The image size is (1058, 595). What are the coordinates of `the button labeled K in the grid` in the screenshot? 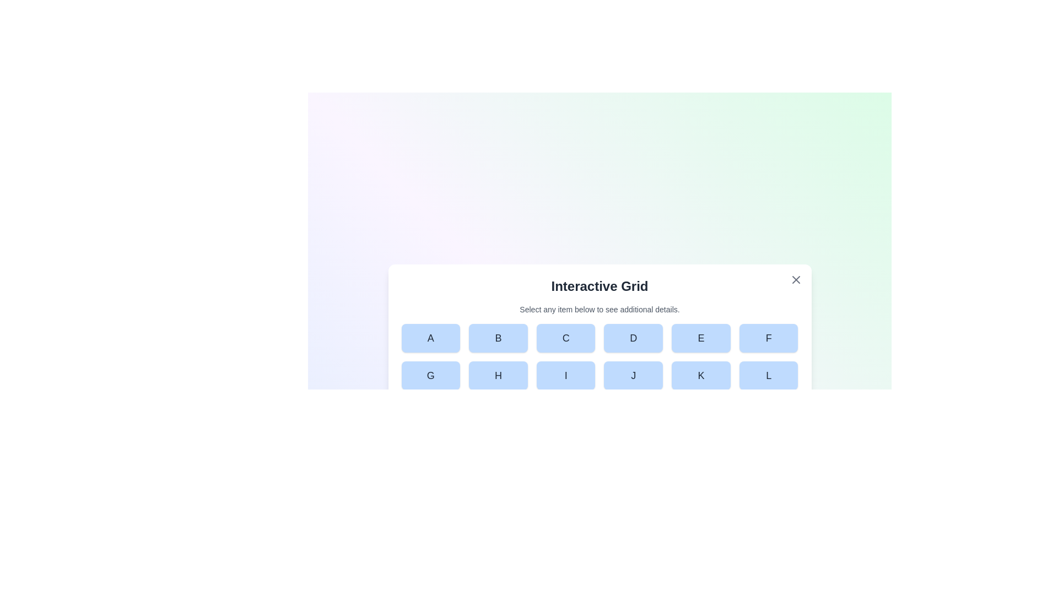 It's located at (700, 375).